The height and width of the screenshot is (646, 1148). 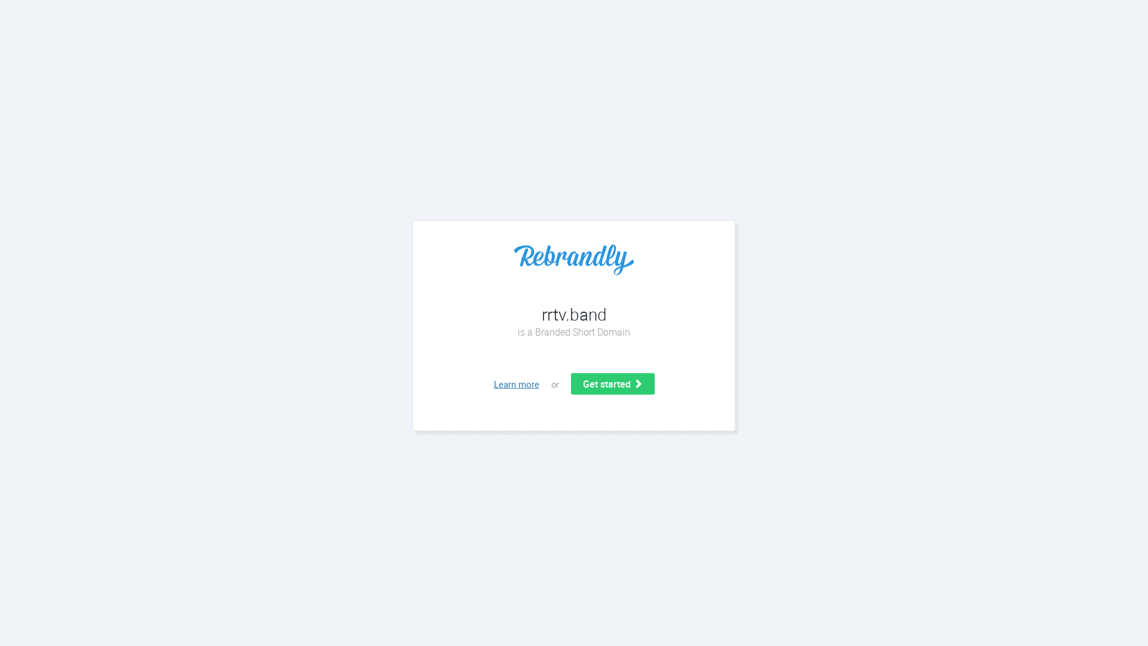 What do you see at coordinates (517, 383) in the screenshot?
I see `'Learn more'` at bounding box center [517, 383].